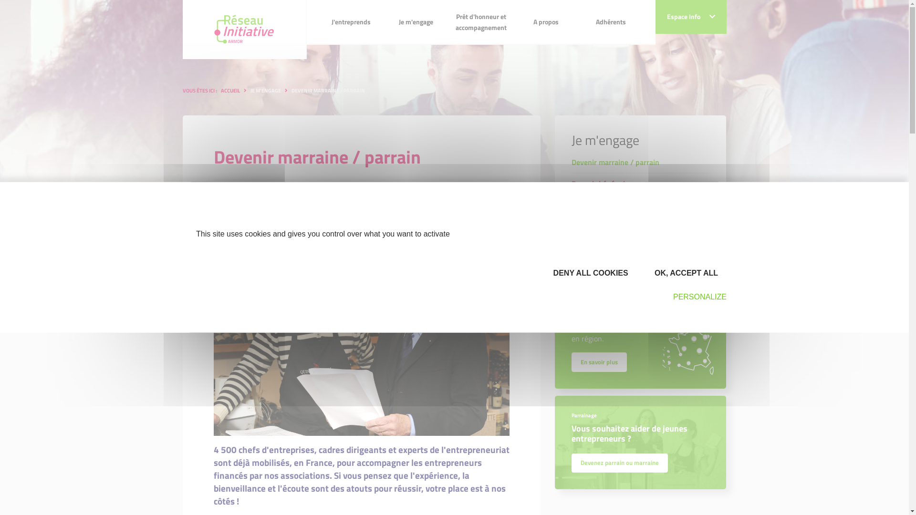 The image size is (916, 515). Describe the element at coordinates (229, 91) in the screenshot. I see `'ACCUEIL'` at that location.